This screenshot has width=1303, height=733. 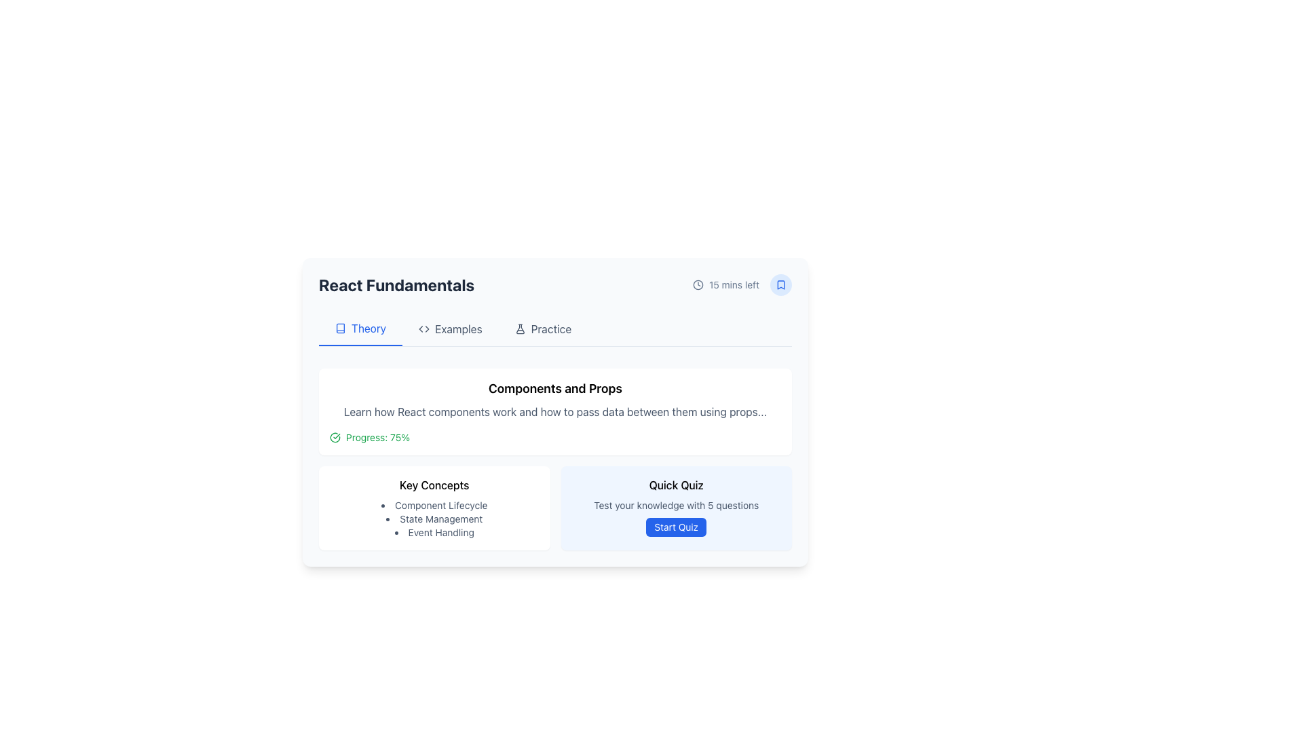 I want to click on the bookmark icon located at the top-right corner of the user interface, so click(x=781, y=284).